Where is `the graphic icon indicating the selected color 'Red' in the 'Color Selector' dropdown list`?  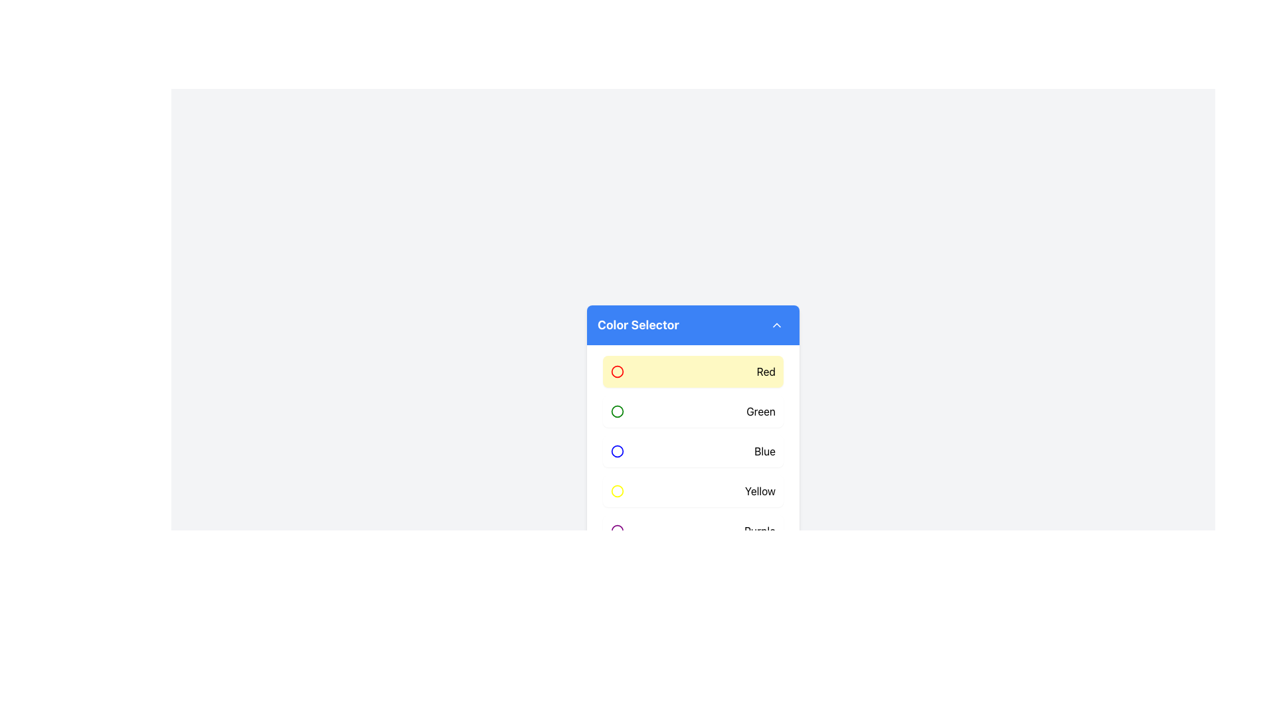 the graphic icon indicating the selected color 'Red' in the 'Color Selector' dropdown list is located at coordinates (617, 371).